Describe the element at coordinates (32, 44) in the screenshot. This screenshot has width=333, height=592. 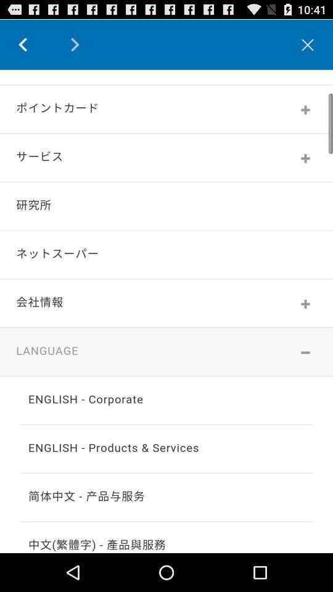
I see `previous page` at that location.